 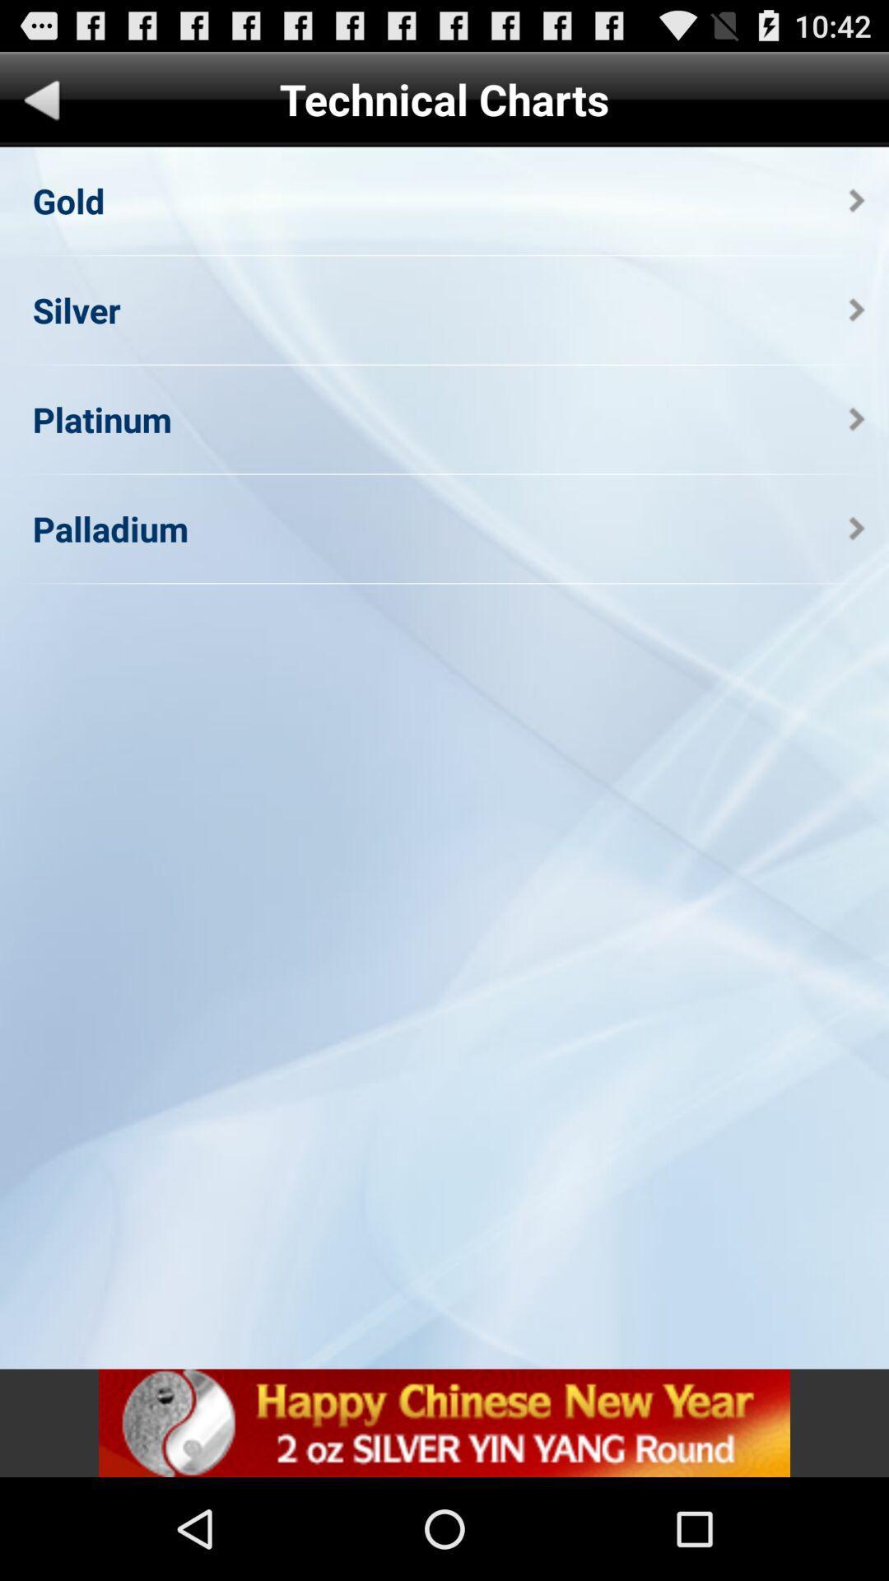 What do you see at coordinates (110, 529) in the screenshot?
I see `palladium app` at bounding box center [110, 529].